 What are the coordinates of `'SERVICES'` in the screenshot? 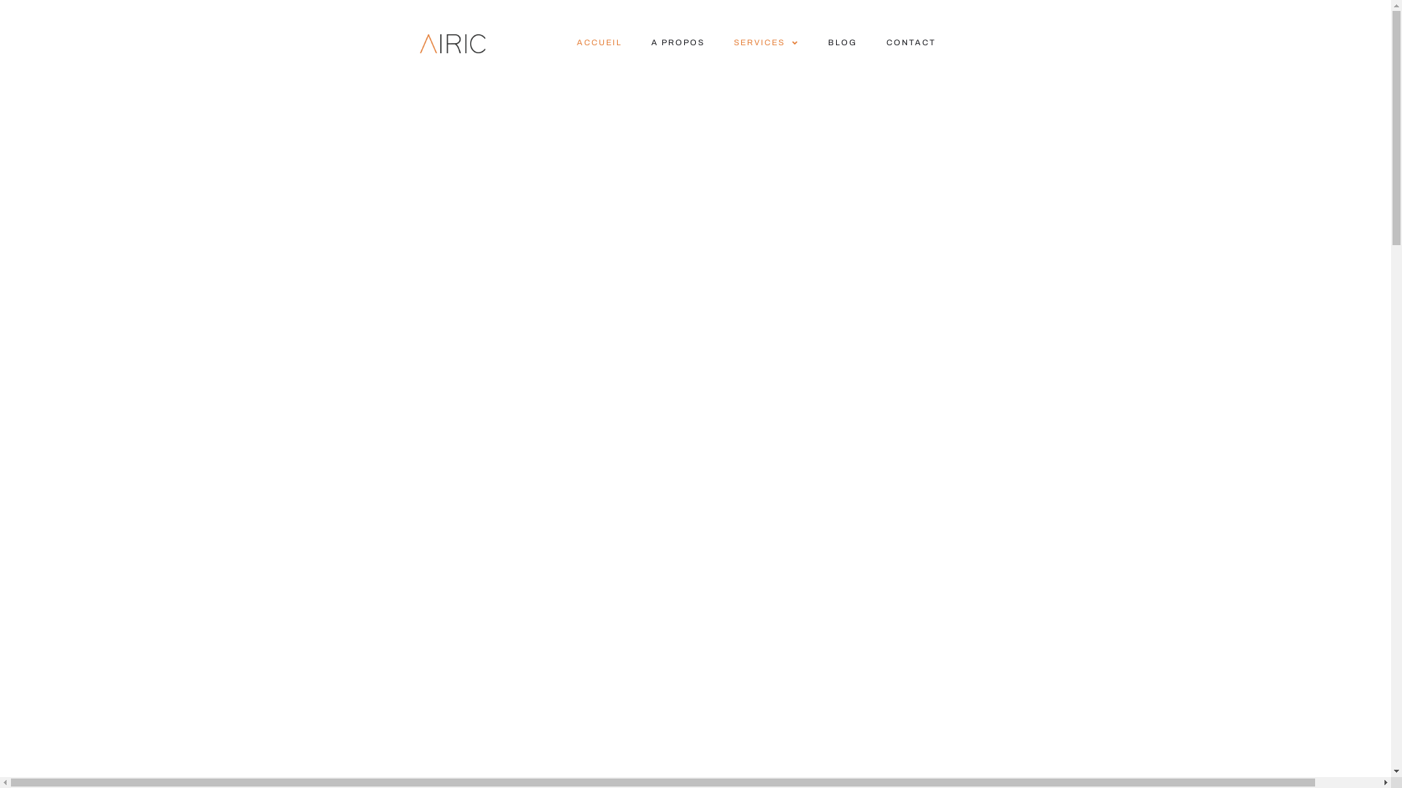 It's located at (765, 42).